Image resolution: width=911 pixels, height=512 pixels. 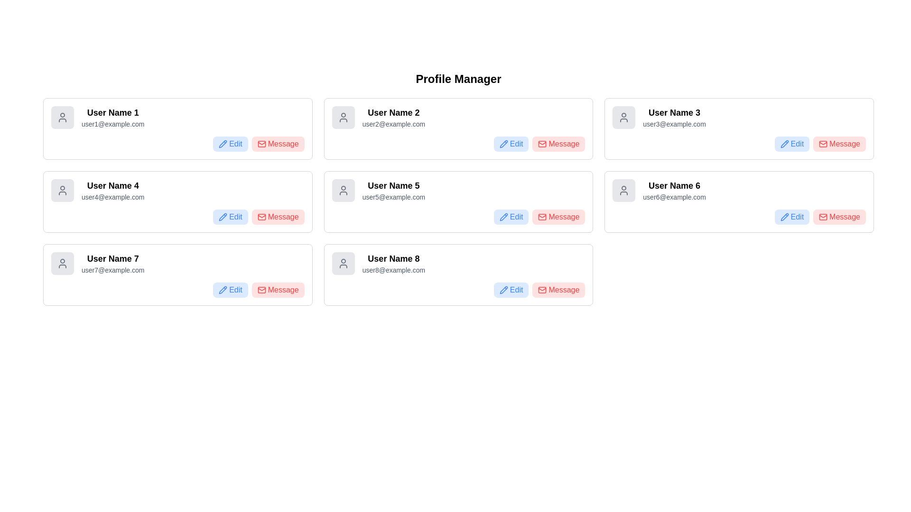 I want to click on the Profile Card, which is the second element in the first row of the grid layout, so click(x=458, y=129).